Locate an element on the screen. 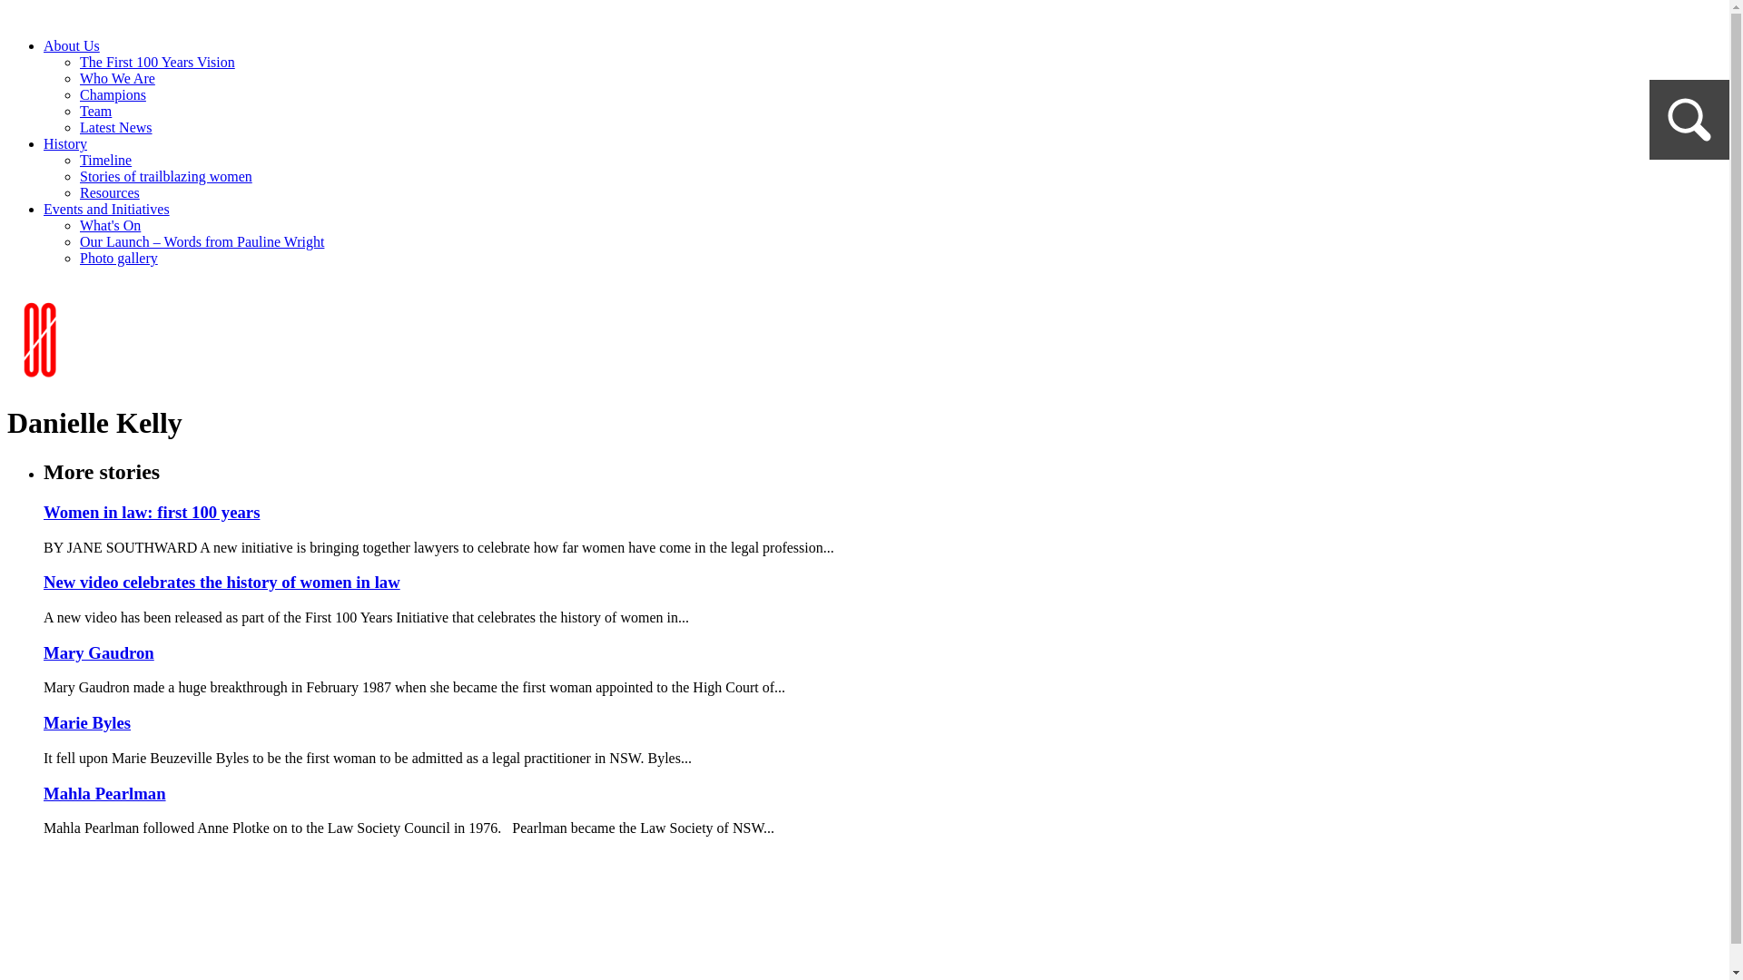  'Resources' is located at coordinates (108, 192).